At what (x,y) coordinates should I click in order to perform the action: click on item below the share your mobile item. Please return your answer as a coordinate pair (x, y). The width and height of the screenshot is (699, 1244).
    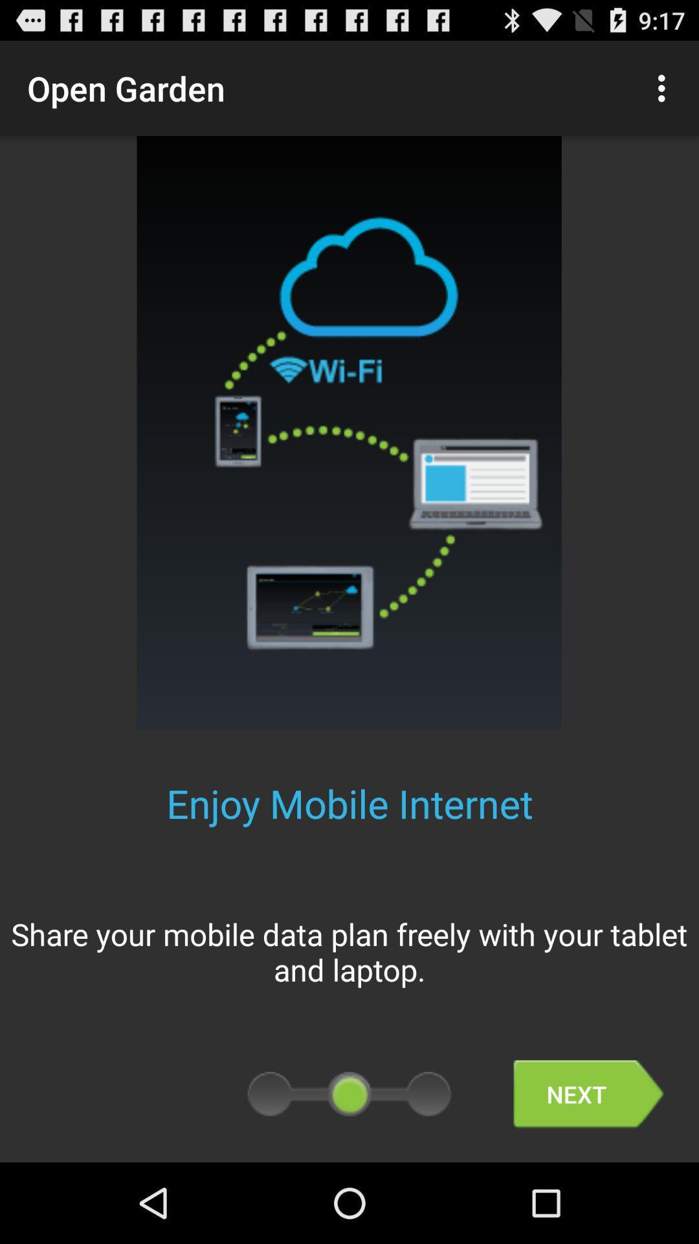
    Looking at the image, I should click on (588, 1094).